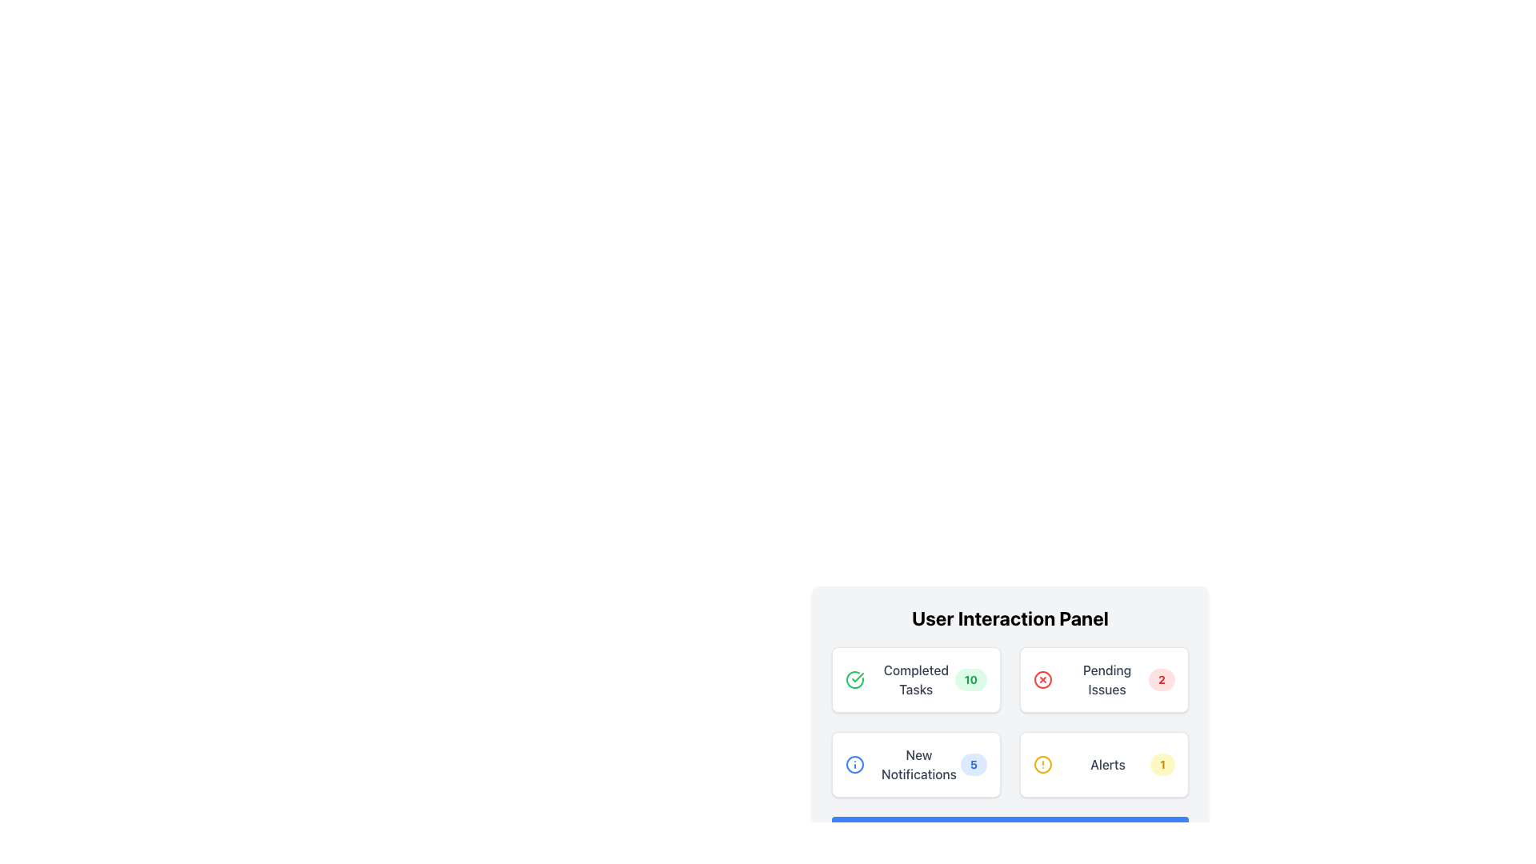  What do you see at coordinates (1162, 764) in the screenshot?
I see `the Notification Badge displaying the number '1' with a pale yellow background located at the top-right corner of the Alerts card` at bounding box center [1162, 764].